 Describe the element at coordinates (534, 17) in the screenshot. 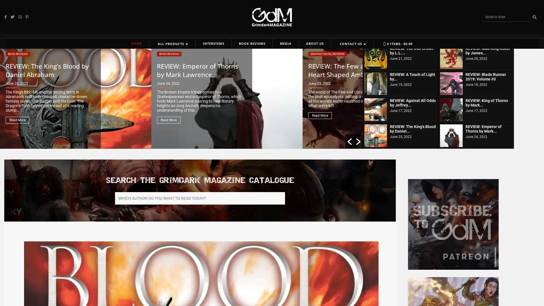

I see `Search` at that location.